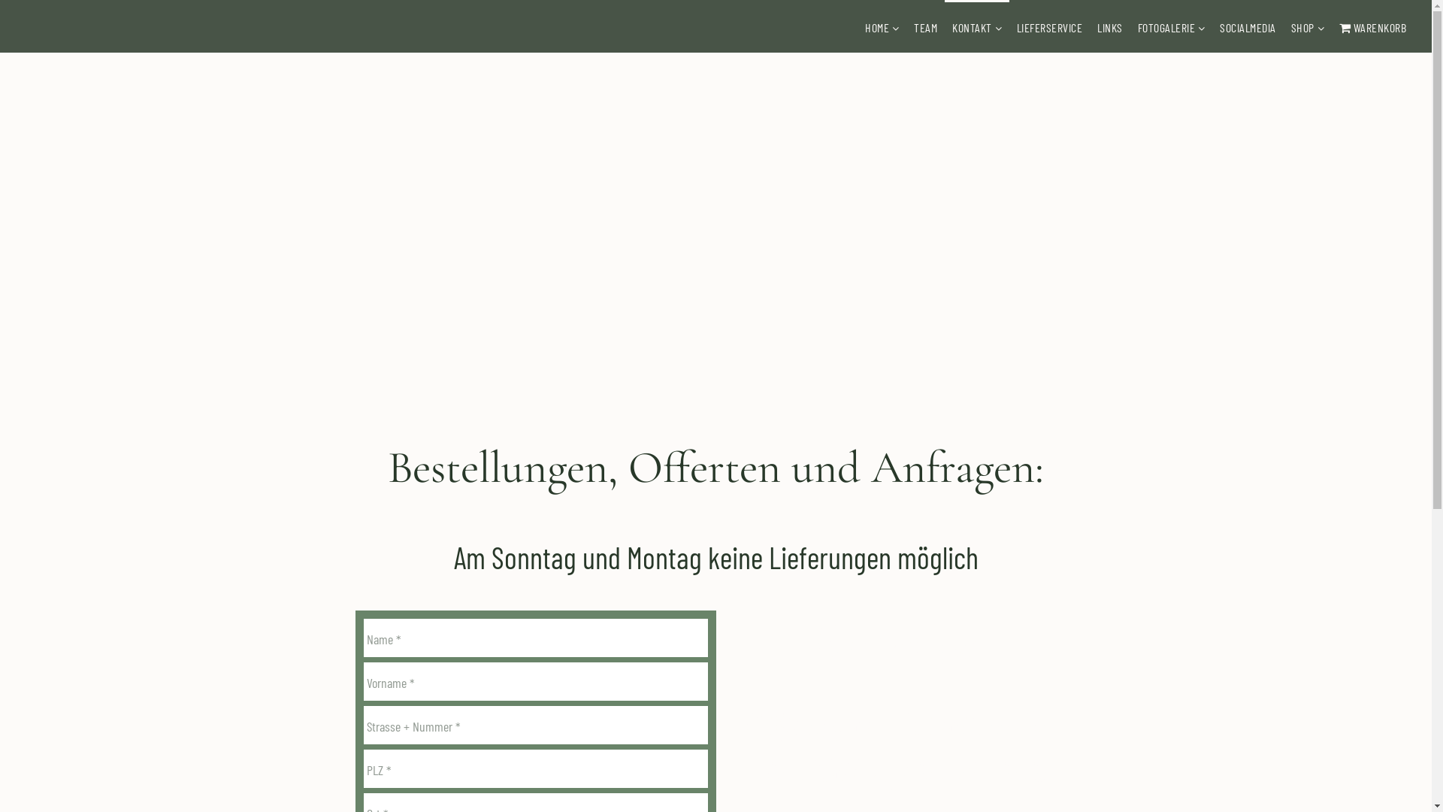  Describe the element at coordinates (1110, 27) in the screenshot. I see `'LINKS'` at that location.